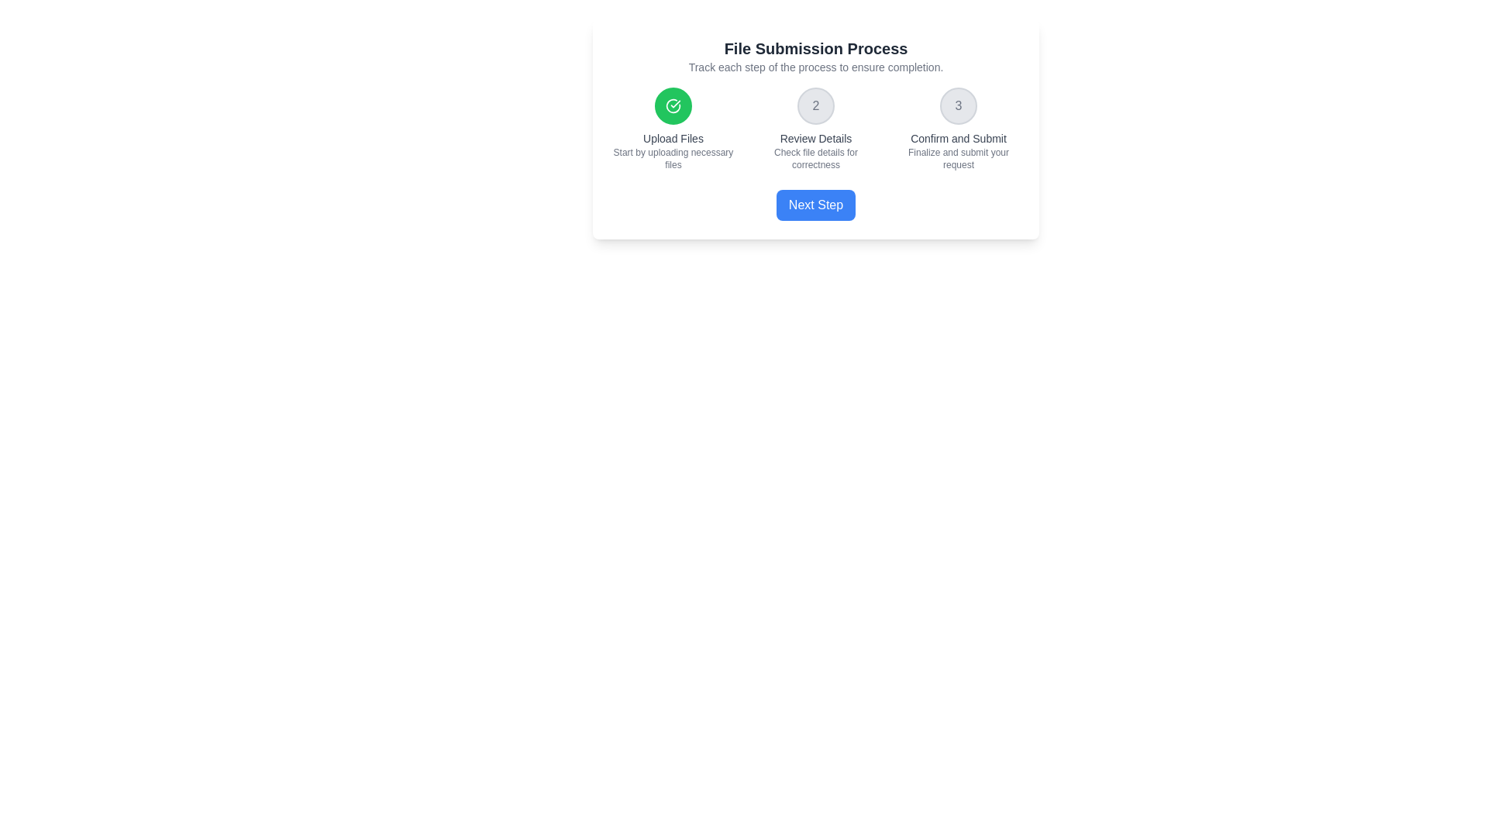  Describe the element at coordinates (815, 105) in the screenshot. I see `the circular progress step indicator badge with the numeral '2'` at that location.